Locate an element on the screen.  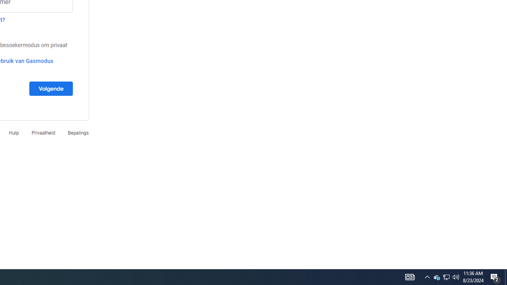
'Action Center, 2 new notifications' is located at coordinates (495, 276).